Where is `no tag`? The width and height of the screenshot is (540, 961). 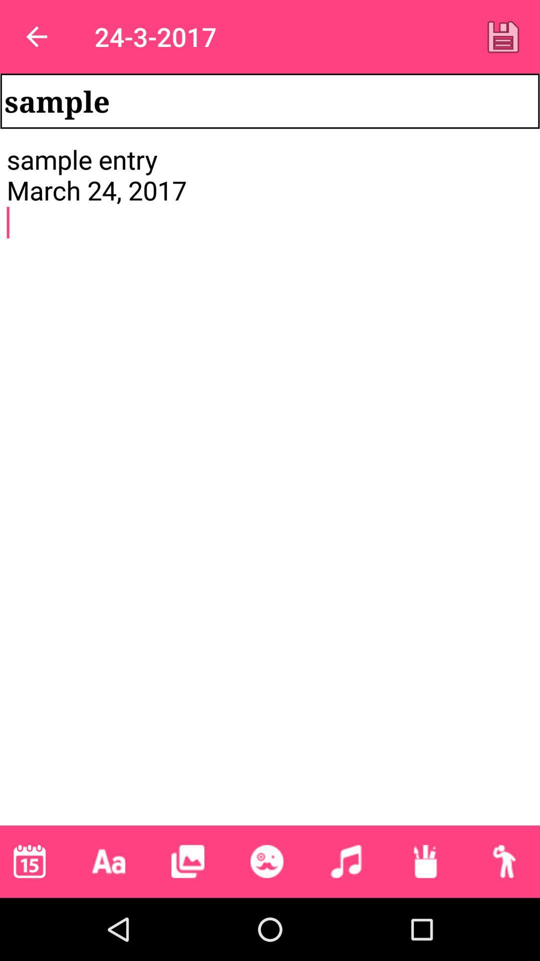
no tag is located at coordinates (266, 861).